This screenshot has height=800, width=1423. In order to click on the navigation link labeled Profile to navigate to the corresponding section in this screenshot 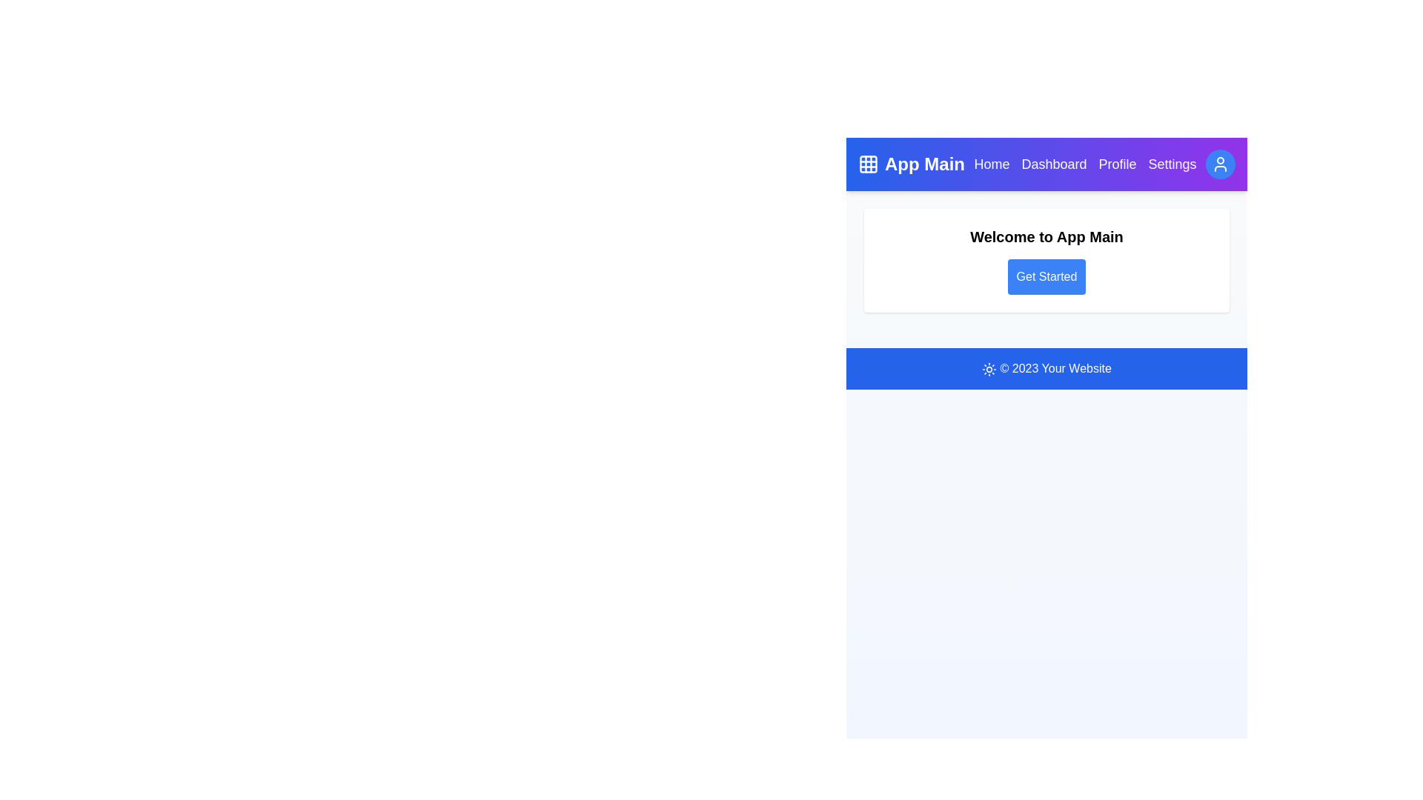, I will do `click(1117, 164)`.